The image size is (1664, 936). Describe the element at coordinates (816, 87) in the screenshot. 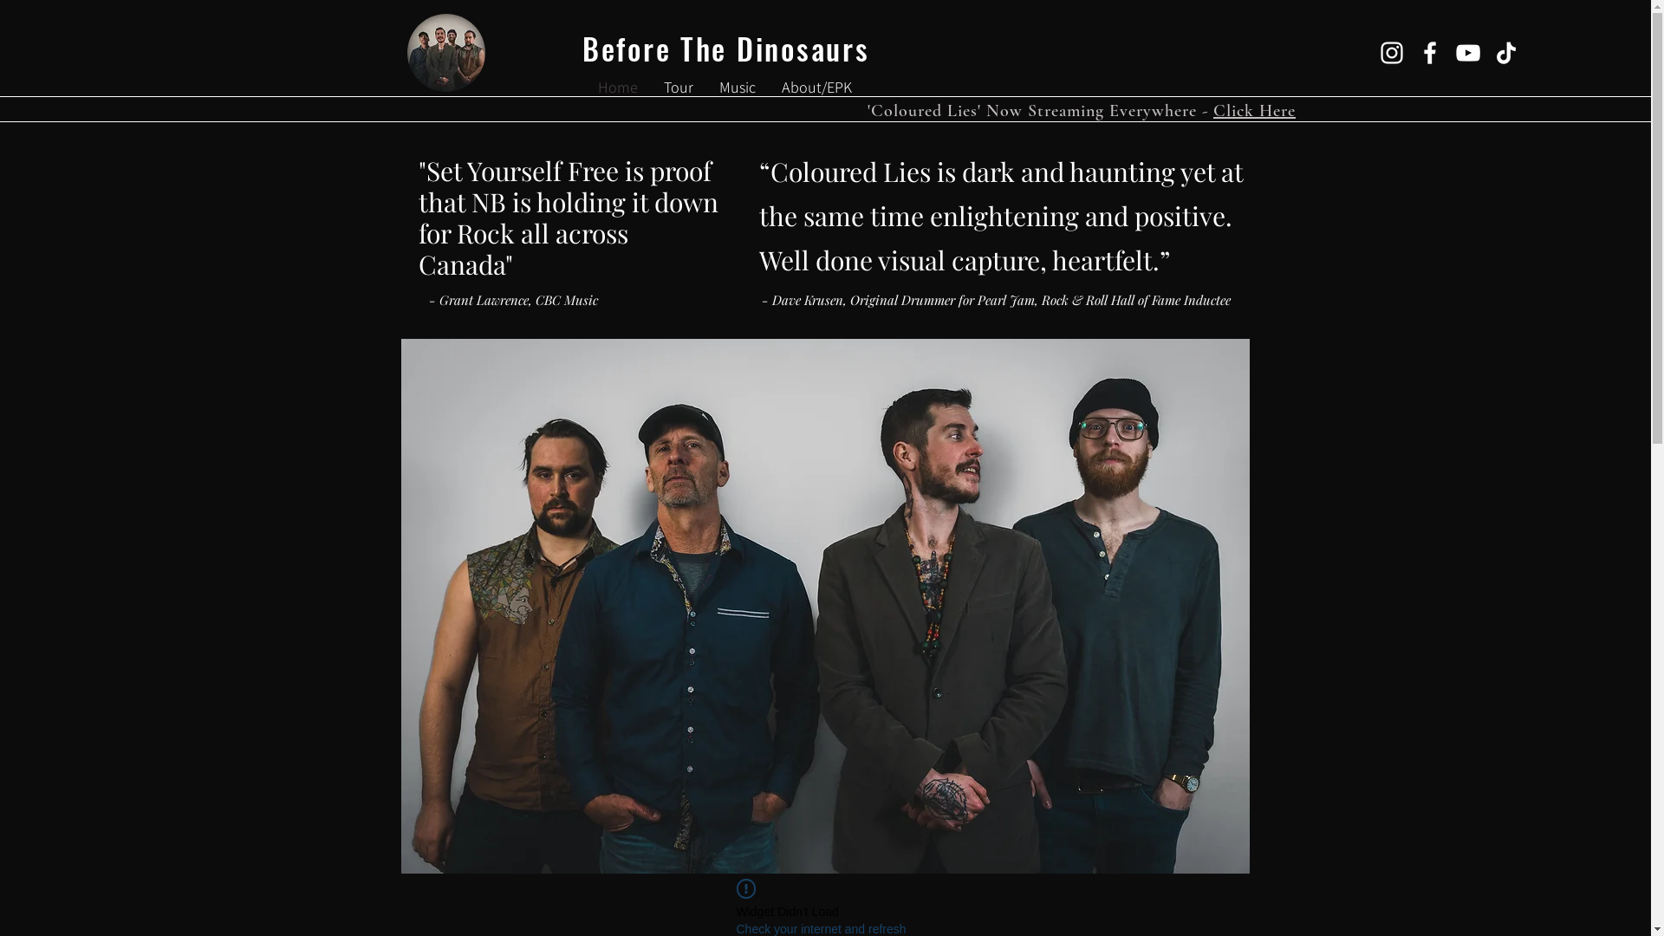

I see `'About/EPK'` at that location.